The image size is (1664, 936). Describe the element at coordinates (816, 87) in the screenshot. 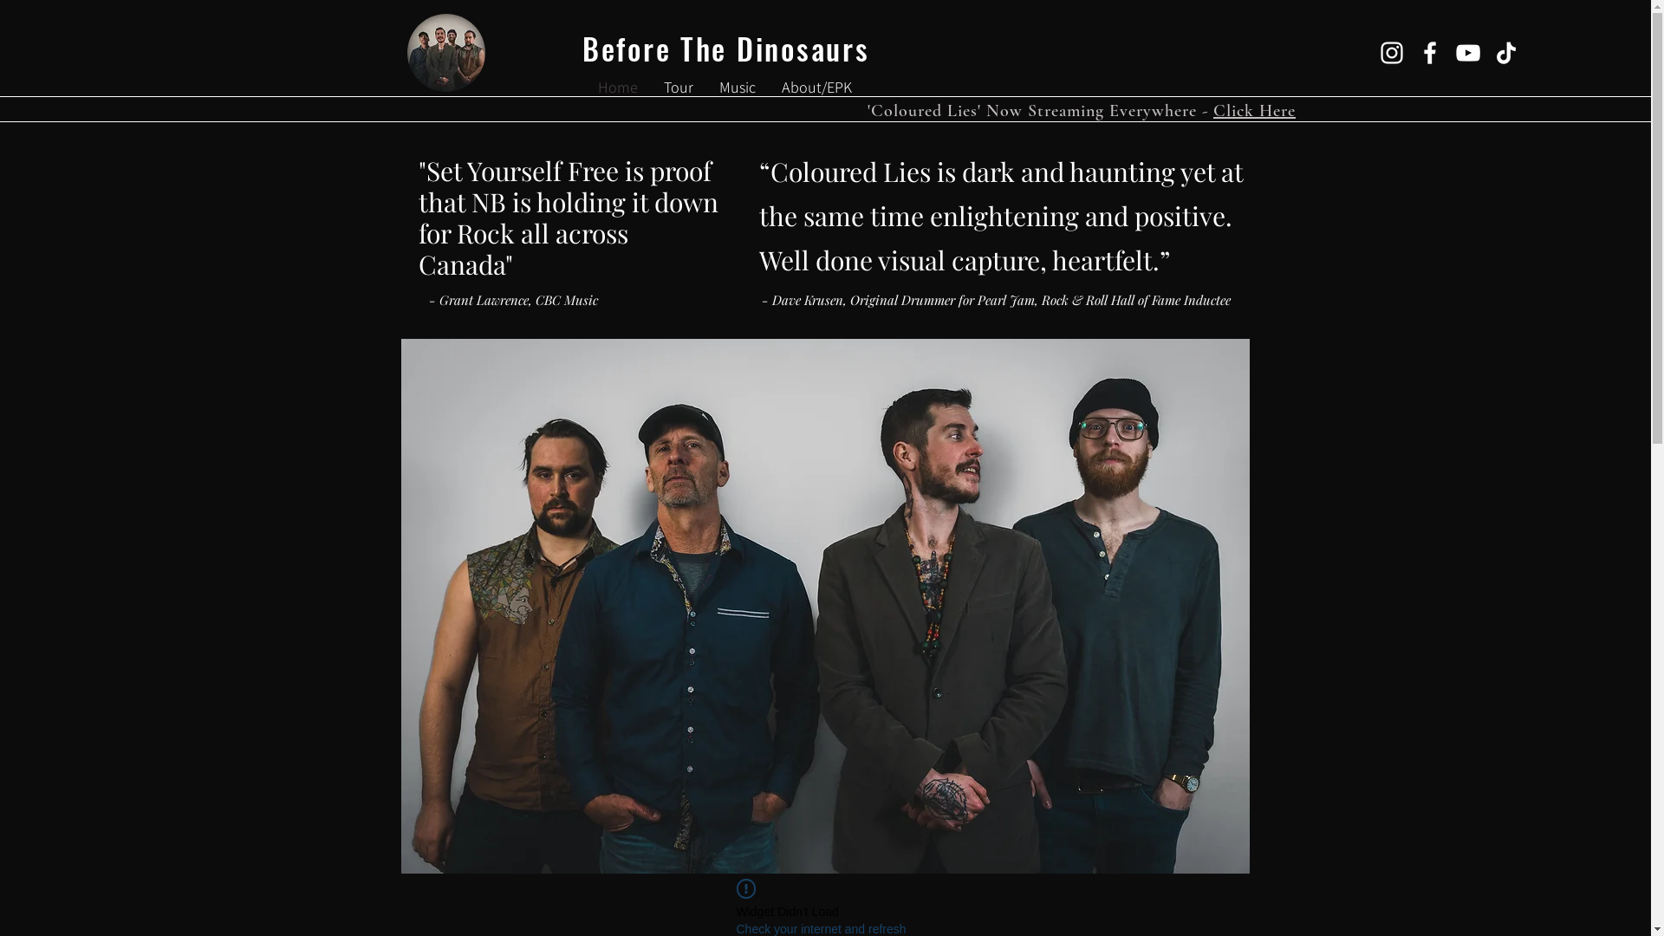

I see `'About/EPK'` at that location.